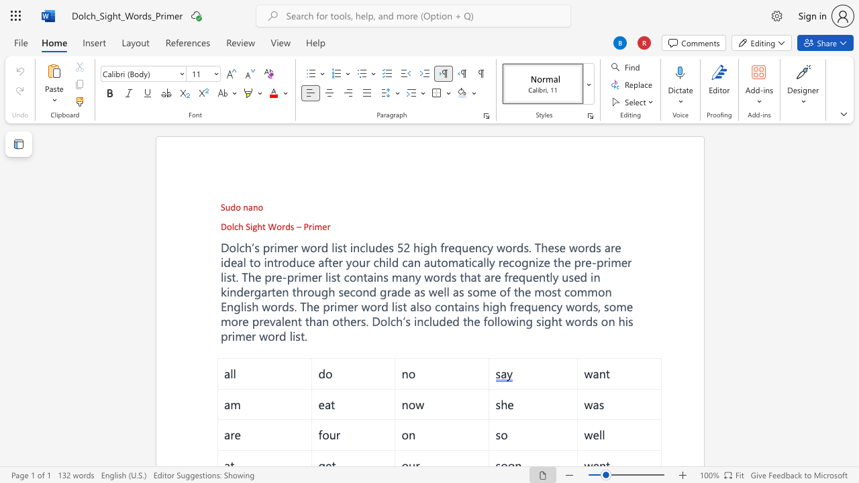 The image size is (859, 483). Describe the element at coordinates (220, 225) in the screenshot. I see `the subset text "Dolch Sight Words – Primer" within the text "Dolch Sight Words – Primer"` at that location.